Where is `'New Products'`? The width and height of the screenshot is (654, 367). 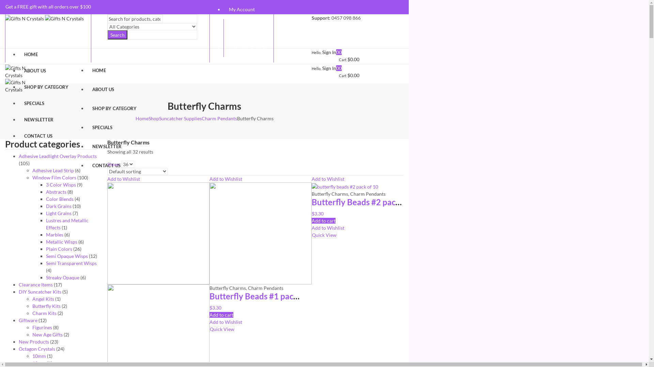
'New Products' is located at coordinates (18, 342).